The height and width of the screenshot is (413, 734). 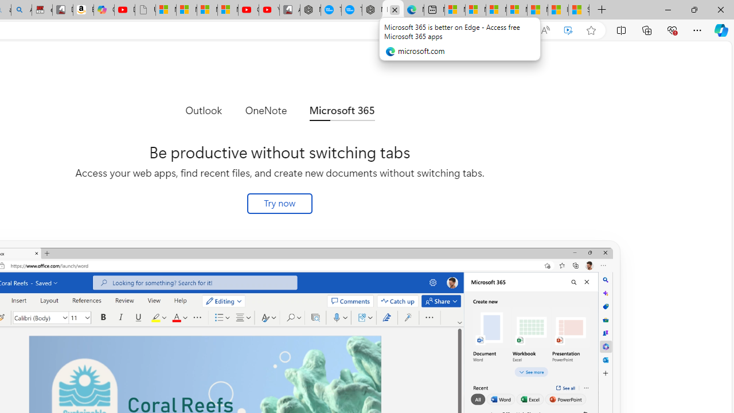 I want to click on 'Amazon Echo Dot PNG - Search Images', so click(x=21, y=10).